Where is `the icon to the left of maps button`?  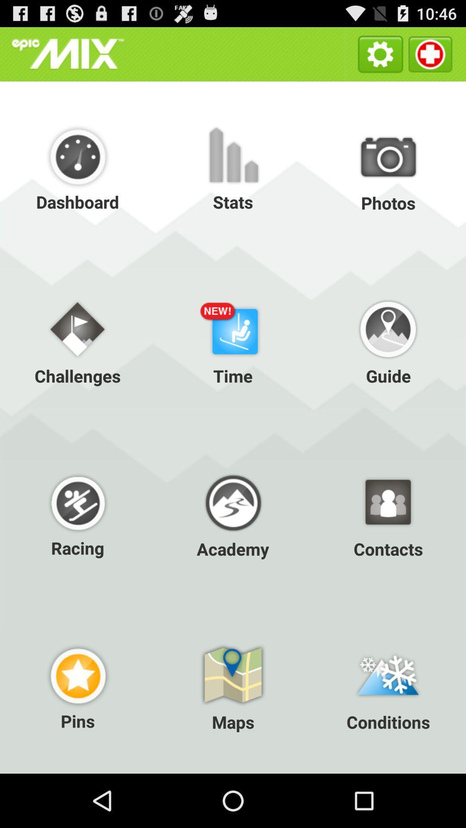
the icon to the left of maps button is located at coordinates (78, 687).